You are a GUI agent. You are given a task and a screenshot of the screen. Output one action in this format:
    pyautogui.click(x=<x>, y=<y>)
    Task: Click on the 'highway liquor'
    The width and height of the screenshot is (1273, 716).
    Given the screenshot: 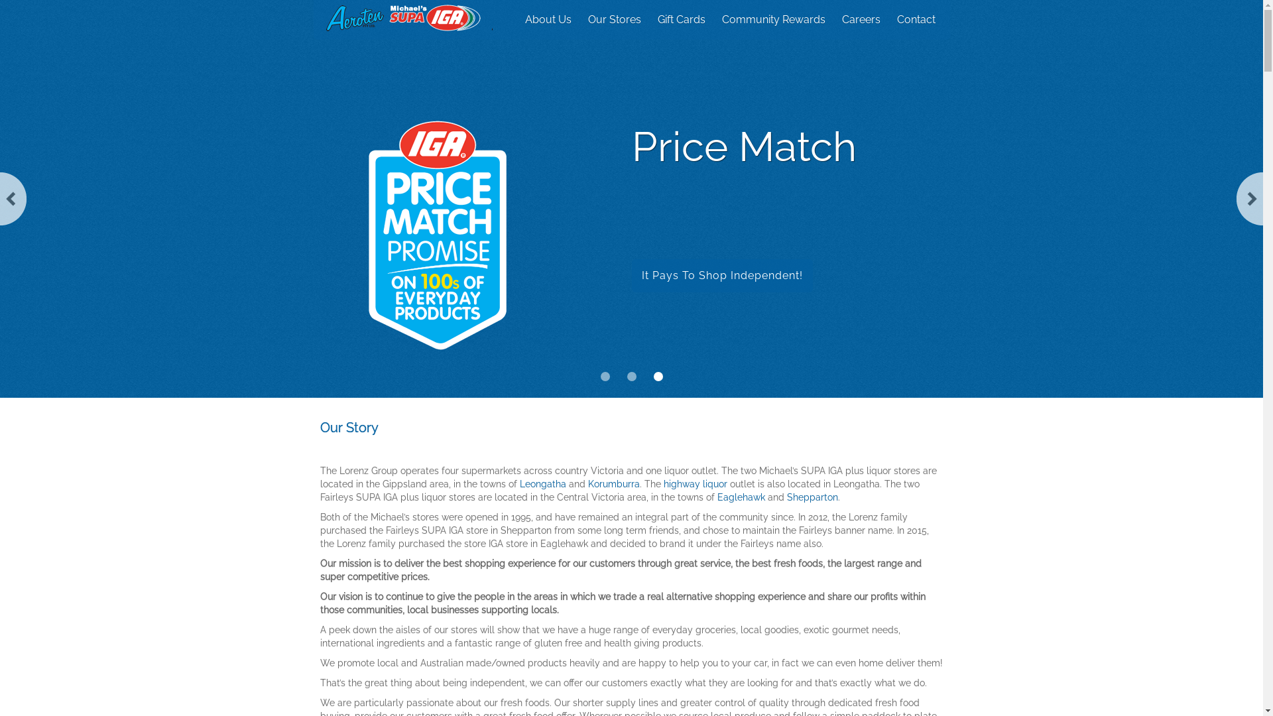 What is the action you would take?
    pyautogui.click(x=662, y=483)
    